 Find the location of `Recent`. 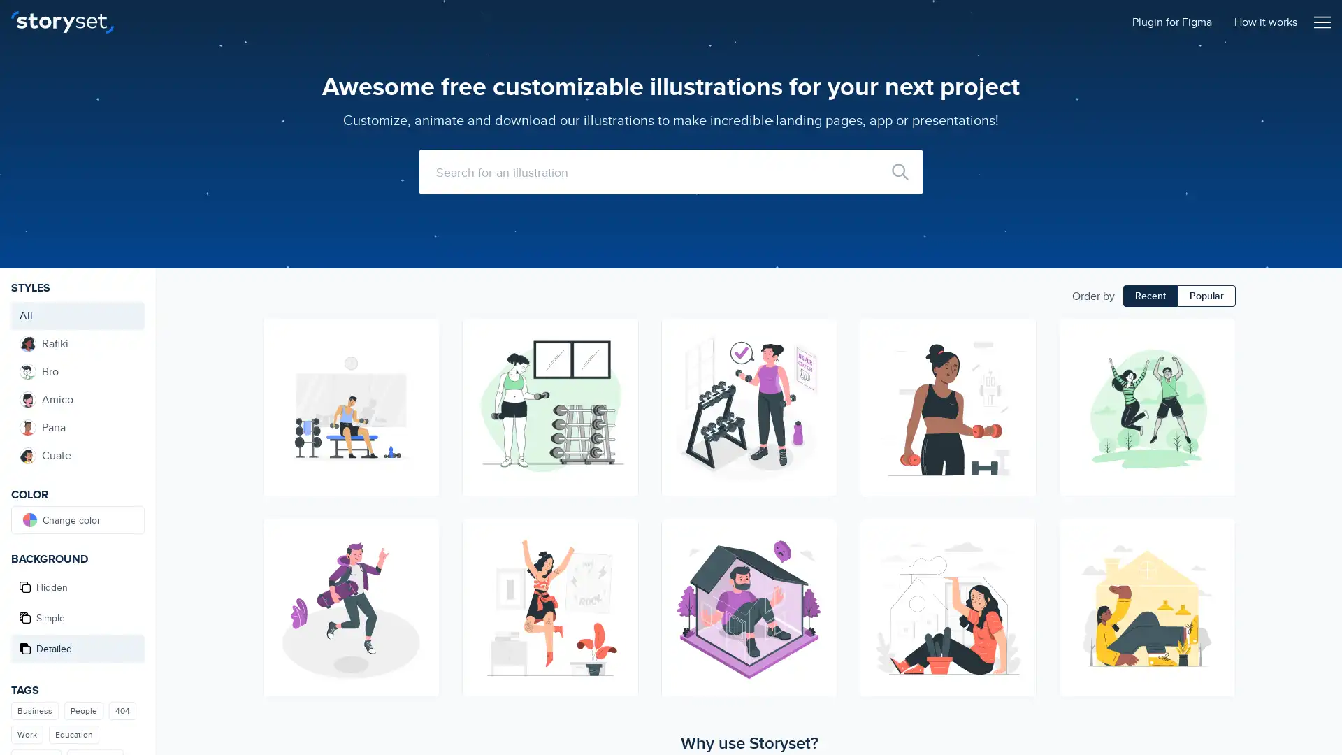

Recent is located at coordinates (1150, 295).